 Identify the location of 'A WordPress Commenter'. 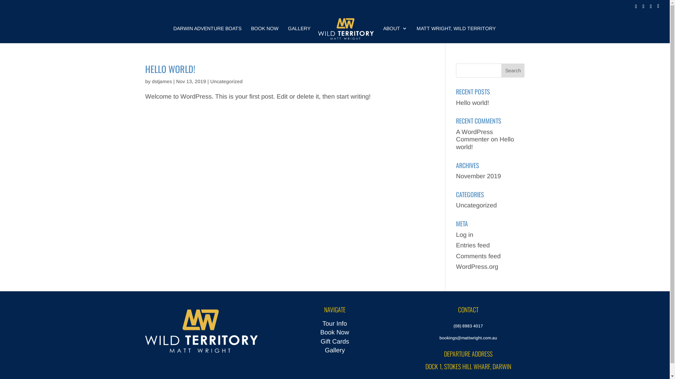
(474, 135).